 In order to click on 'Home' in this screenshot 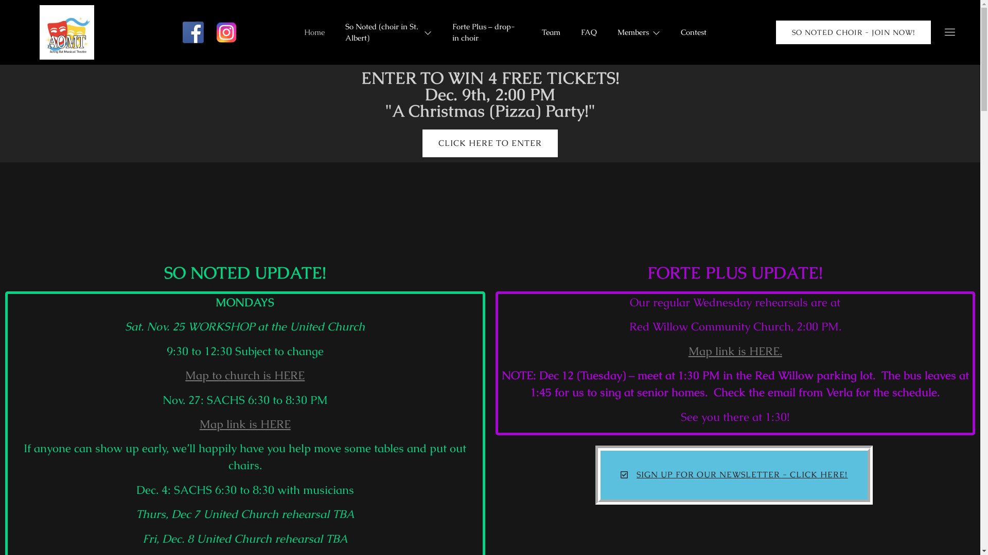, I will do `click(313, 31)`.